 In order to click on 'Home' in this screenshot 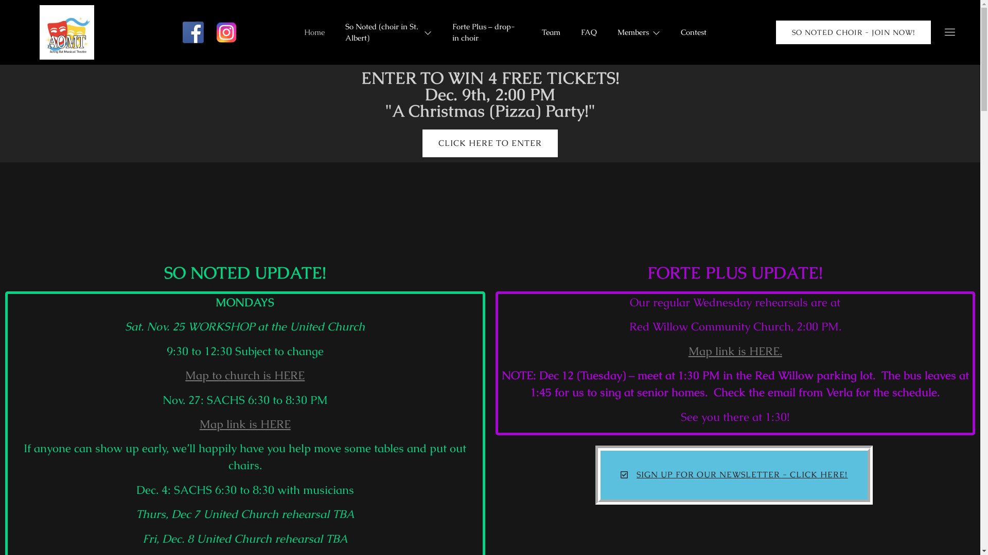, I will do `click(313, 31)`.